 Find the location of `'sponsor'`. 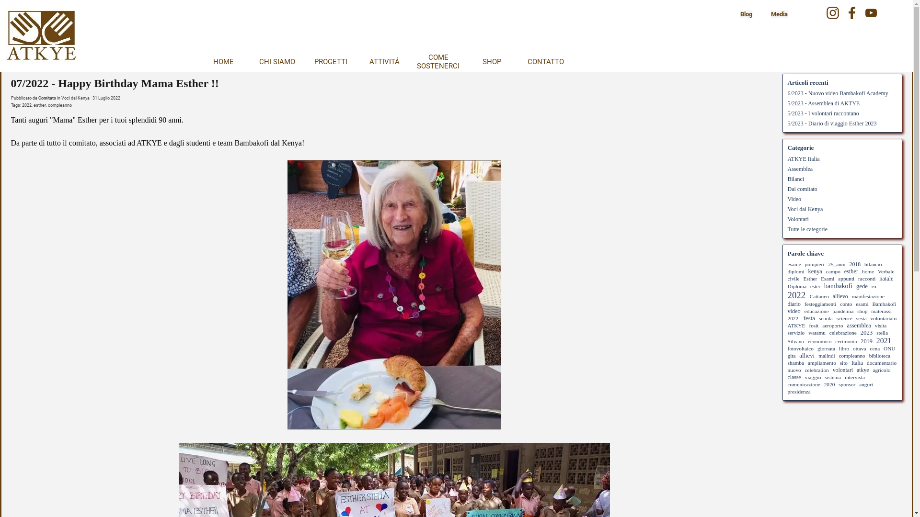

'sponsor' is located at coordinates (847, 383).